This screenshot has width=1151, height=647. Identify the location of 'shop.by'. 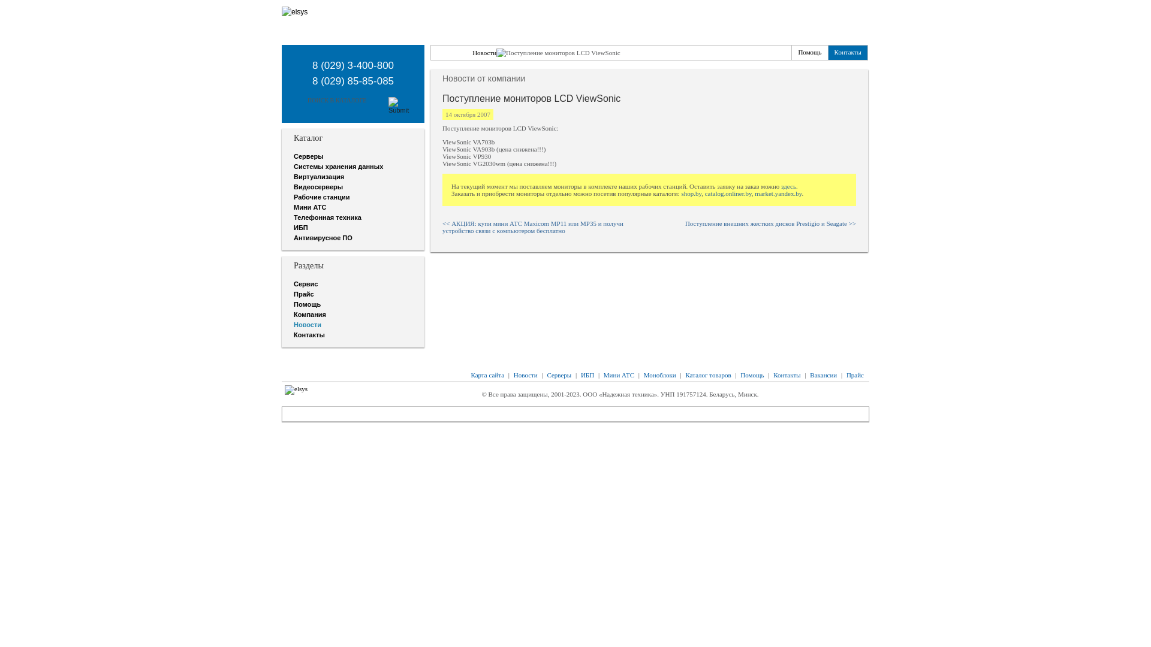
(691, 193).